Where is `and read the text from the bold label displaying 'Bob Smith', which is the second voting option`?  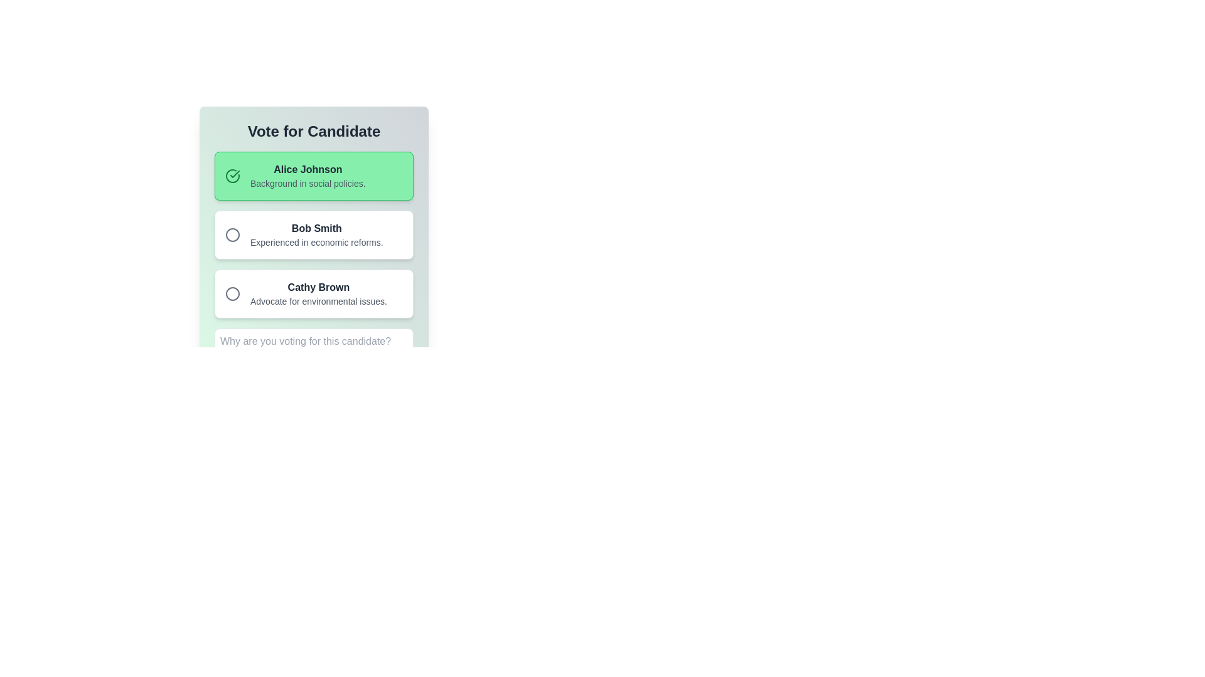 and read the text from the bold label displaying 'Bob Smith', which is the second voting option is located at coordinates (316, 229).